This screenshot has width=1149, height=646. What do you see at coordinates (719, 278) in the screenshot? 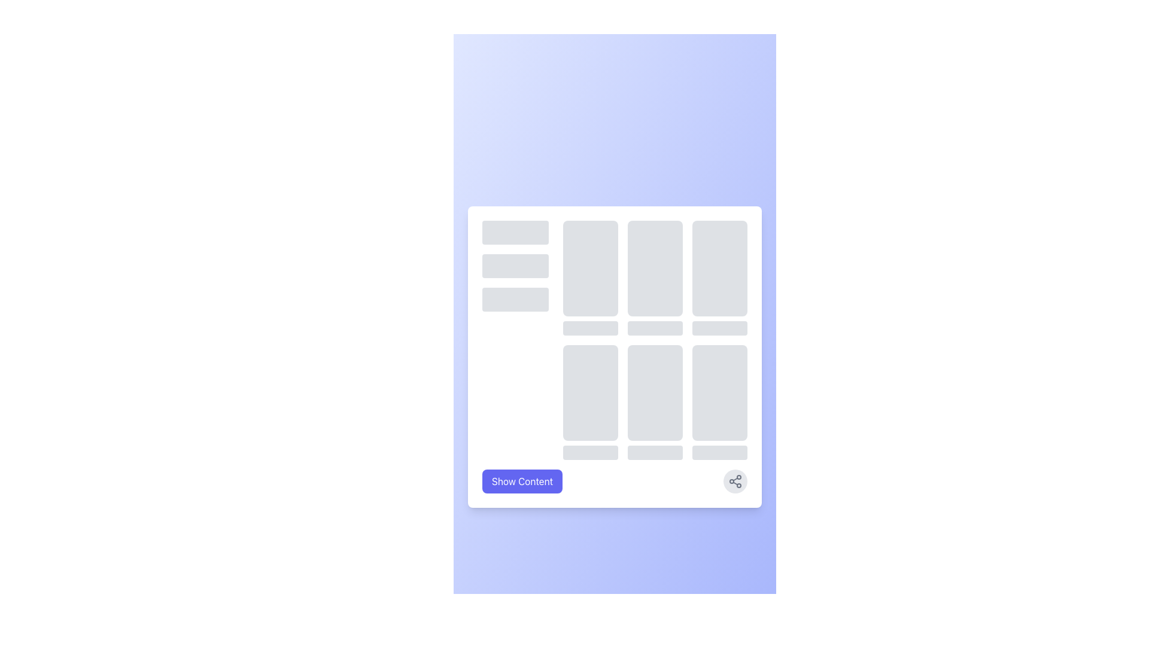
I see `the Placeholder element, which is a light gray rectangle with rounded corners located in the third column of the first row of a grid layout` at bounding box center [719, 278].